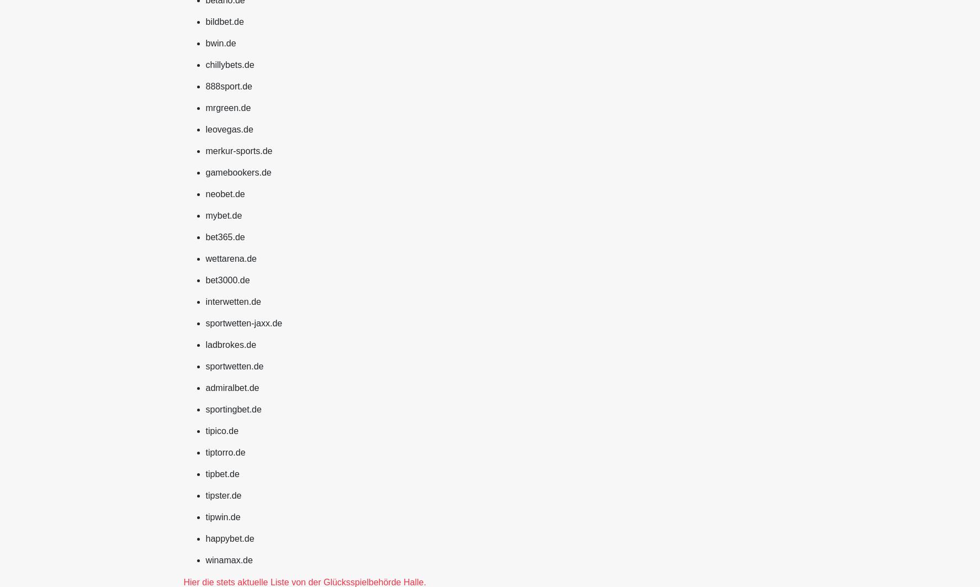 Image resolution: width=980 pixels, height=587 pixels. I want to click on 'tipbet.de', so click(221, 473).